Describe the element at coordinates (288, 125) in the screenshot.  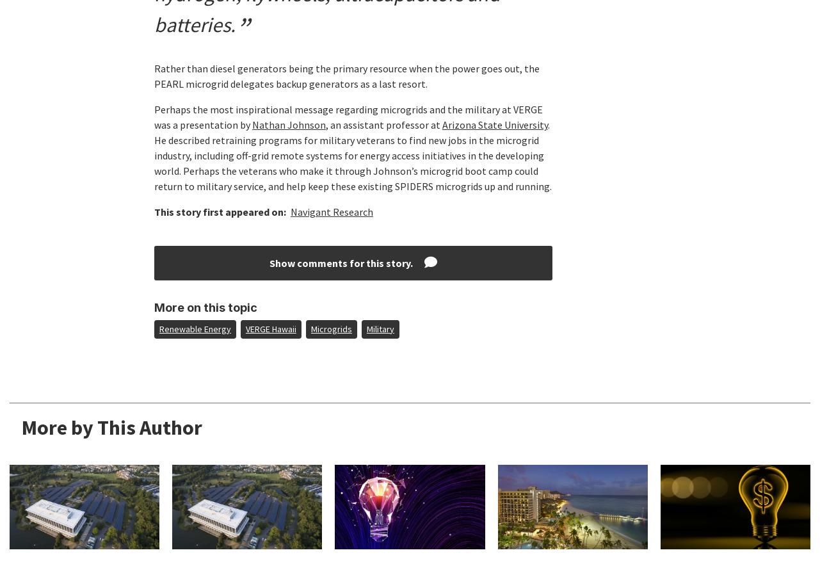
I see `'Nathan Johnson'` at that location.